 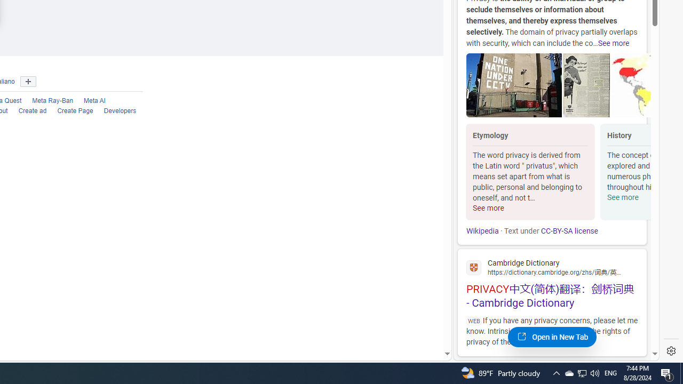 I want to click on 'Developers', so click(x=115, y=111).